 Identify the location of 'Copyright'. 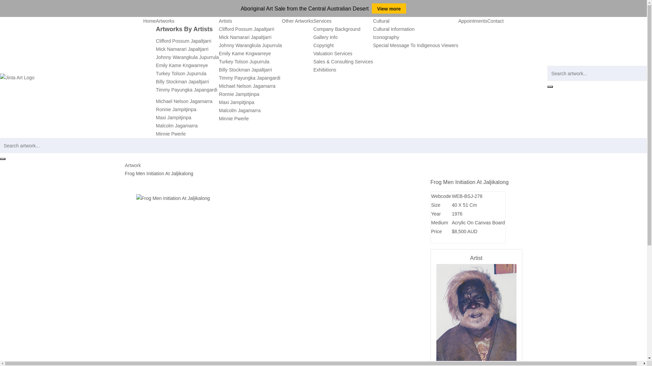
(313, 45).